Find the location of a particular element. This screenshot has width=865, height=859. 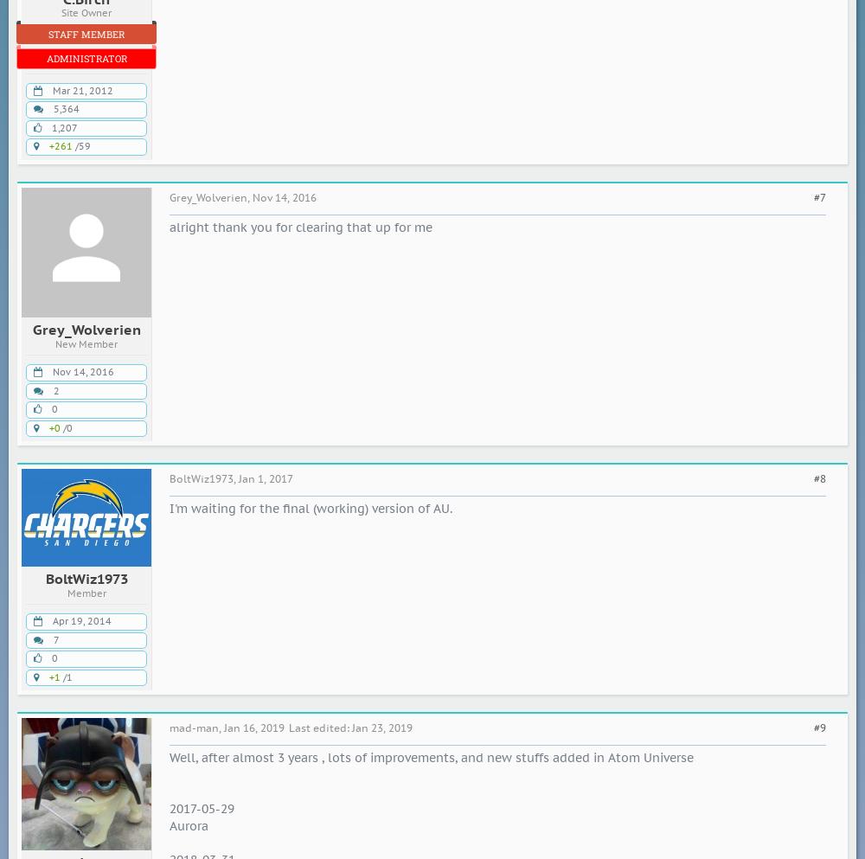

'mad-man' is located at coordinates (193, 727).